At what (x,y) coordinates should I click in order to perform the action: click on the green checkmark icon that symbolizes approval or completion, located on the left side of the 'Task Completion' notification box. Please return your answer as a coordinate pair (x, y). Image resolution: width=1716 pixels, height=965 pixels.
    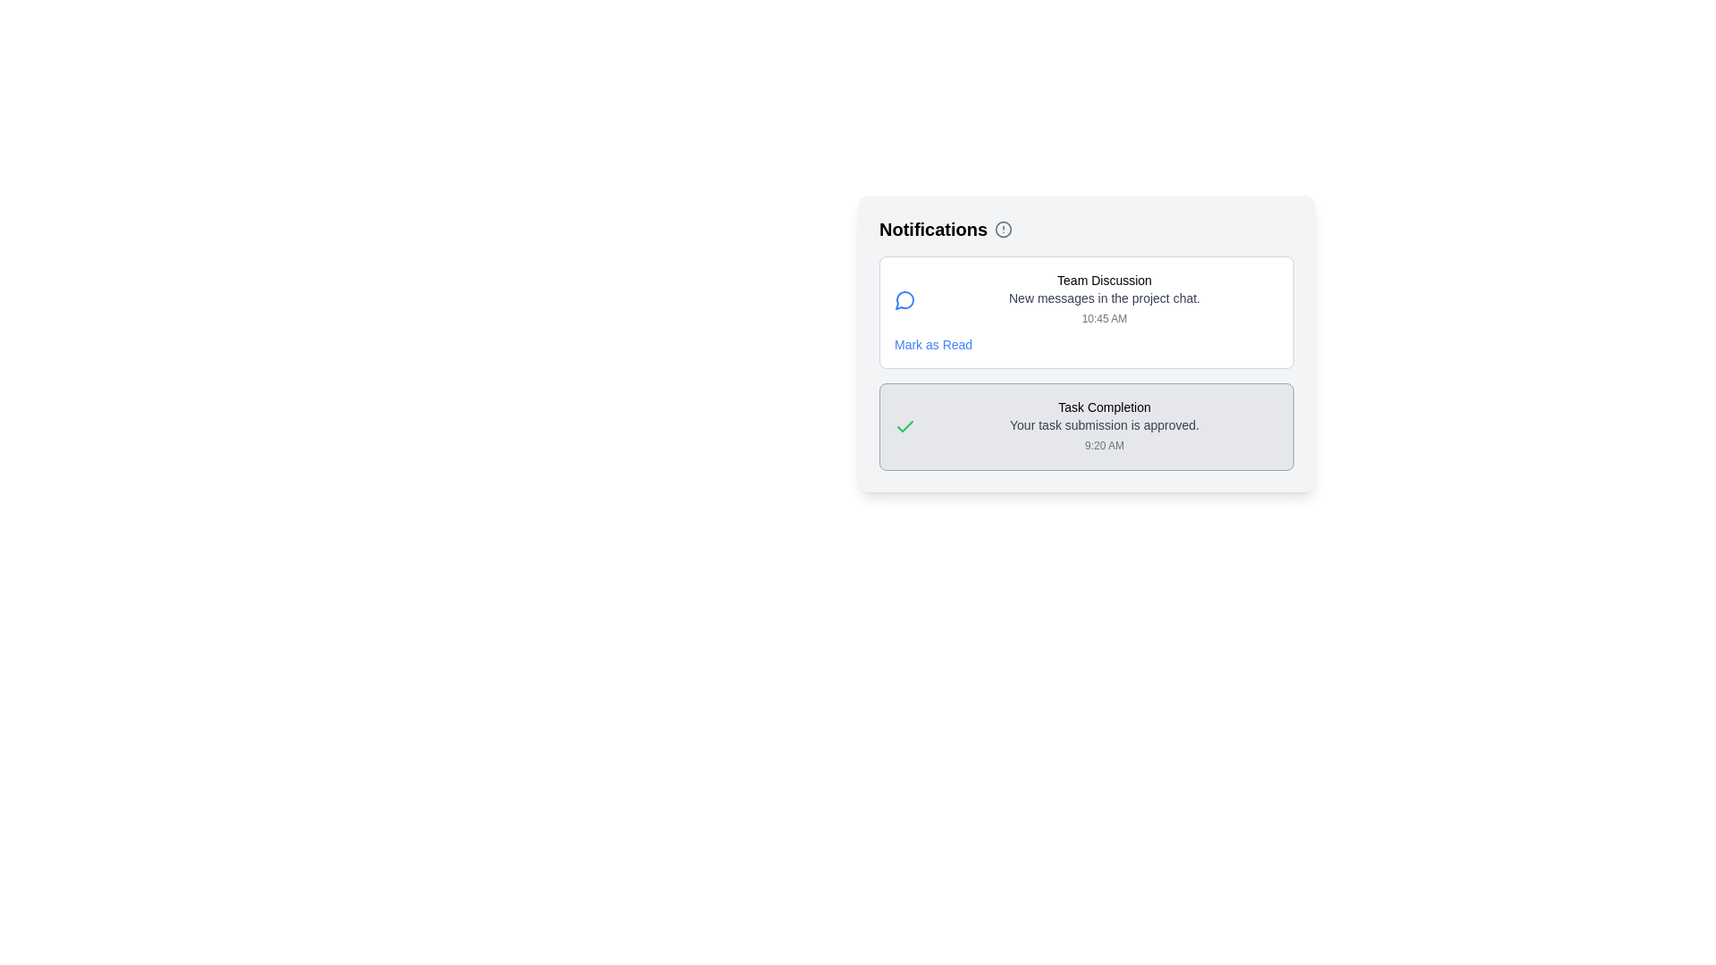
    Looking at the image, I should click on (904, 427).